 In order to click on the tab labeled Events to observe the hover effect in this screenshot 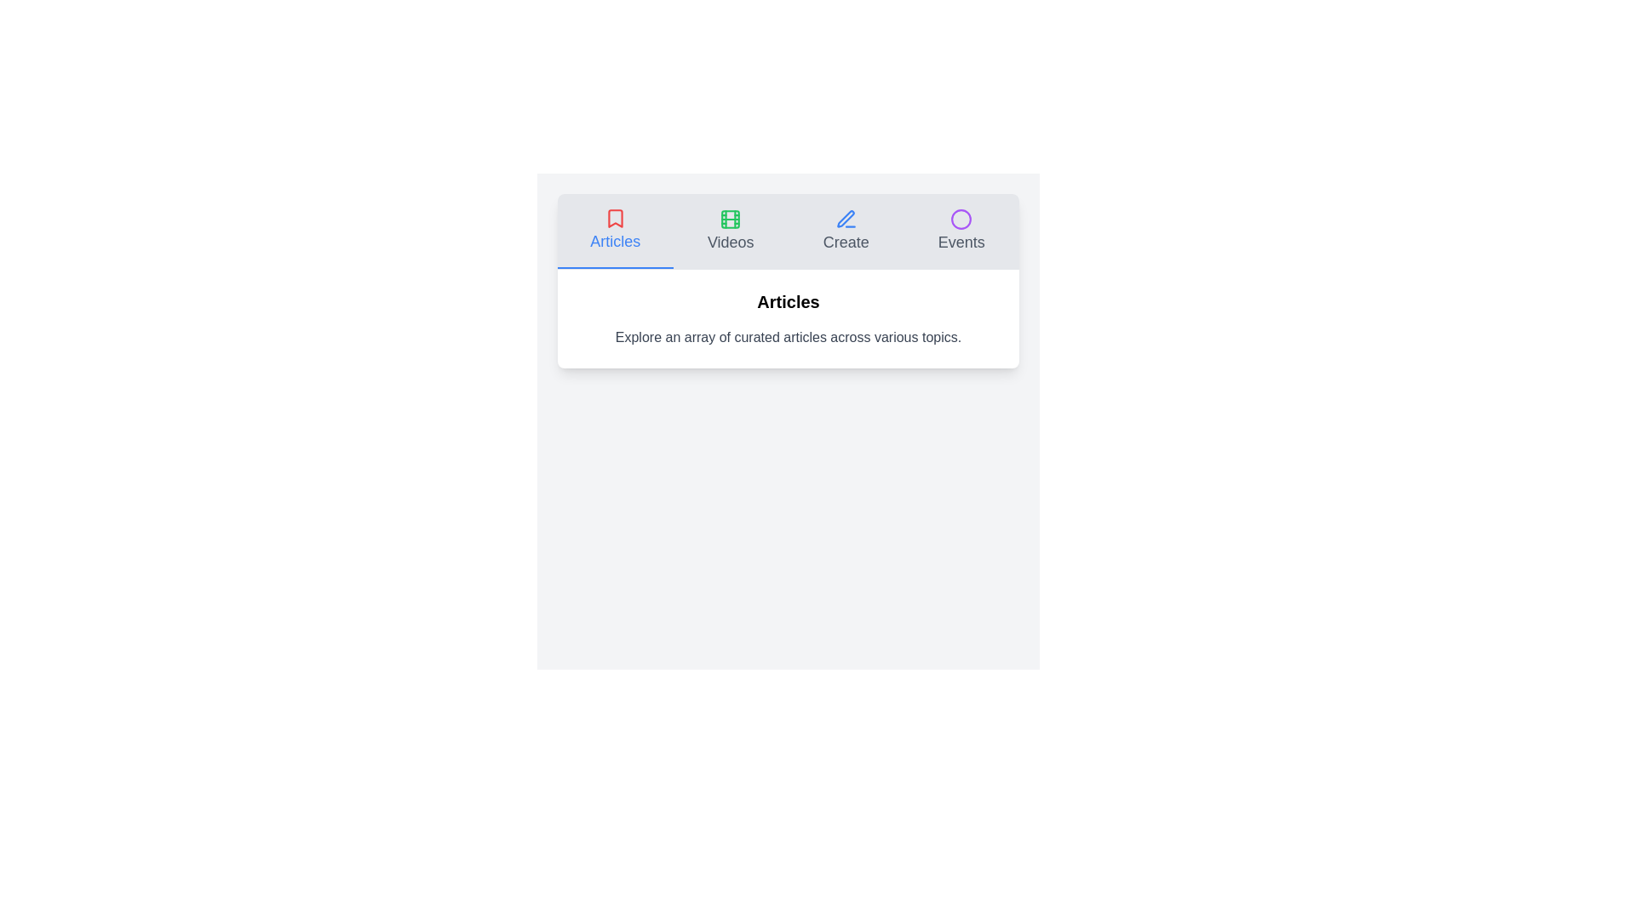, I will do `click(961, 231)`.